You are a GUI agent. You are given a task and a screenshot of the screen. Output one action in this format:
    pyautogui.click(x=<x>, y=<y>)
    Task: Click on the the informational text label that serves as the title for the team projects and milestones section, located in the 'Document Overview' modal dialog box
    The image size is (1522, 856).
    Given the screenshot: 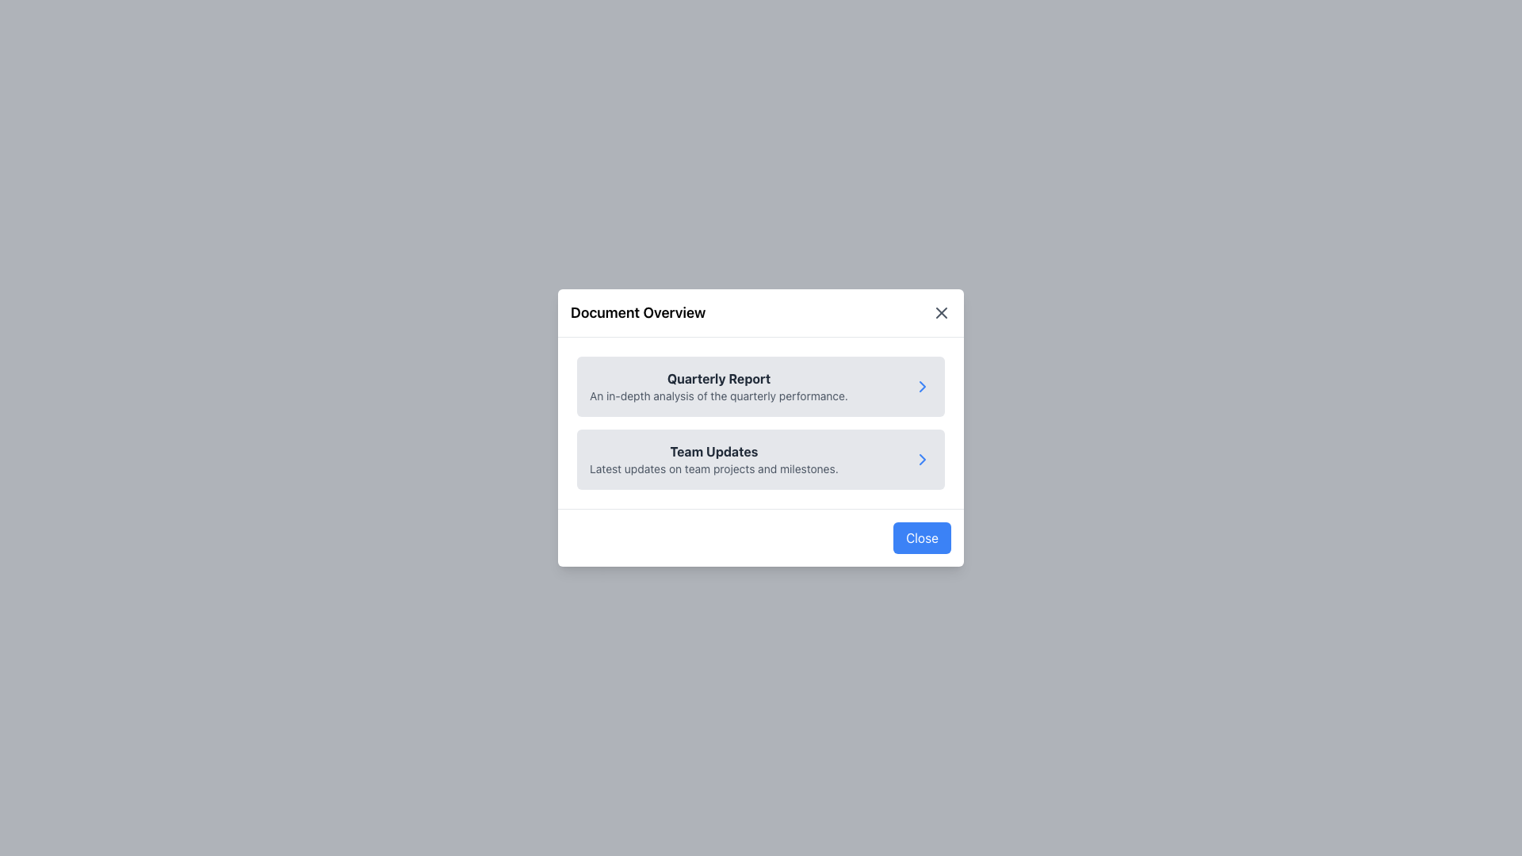 What is the action you would take?
    pyautogui.click(x=713, y=452)
    